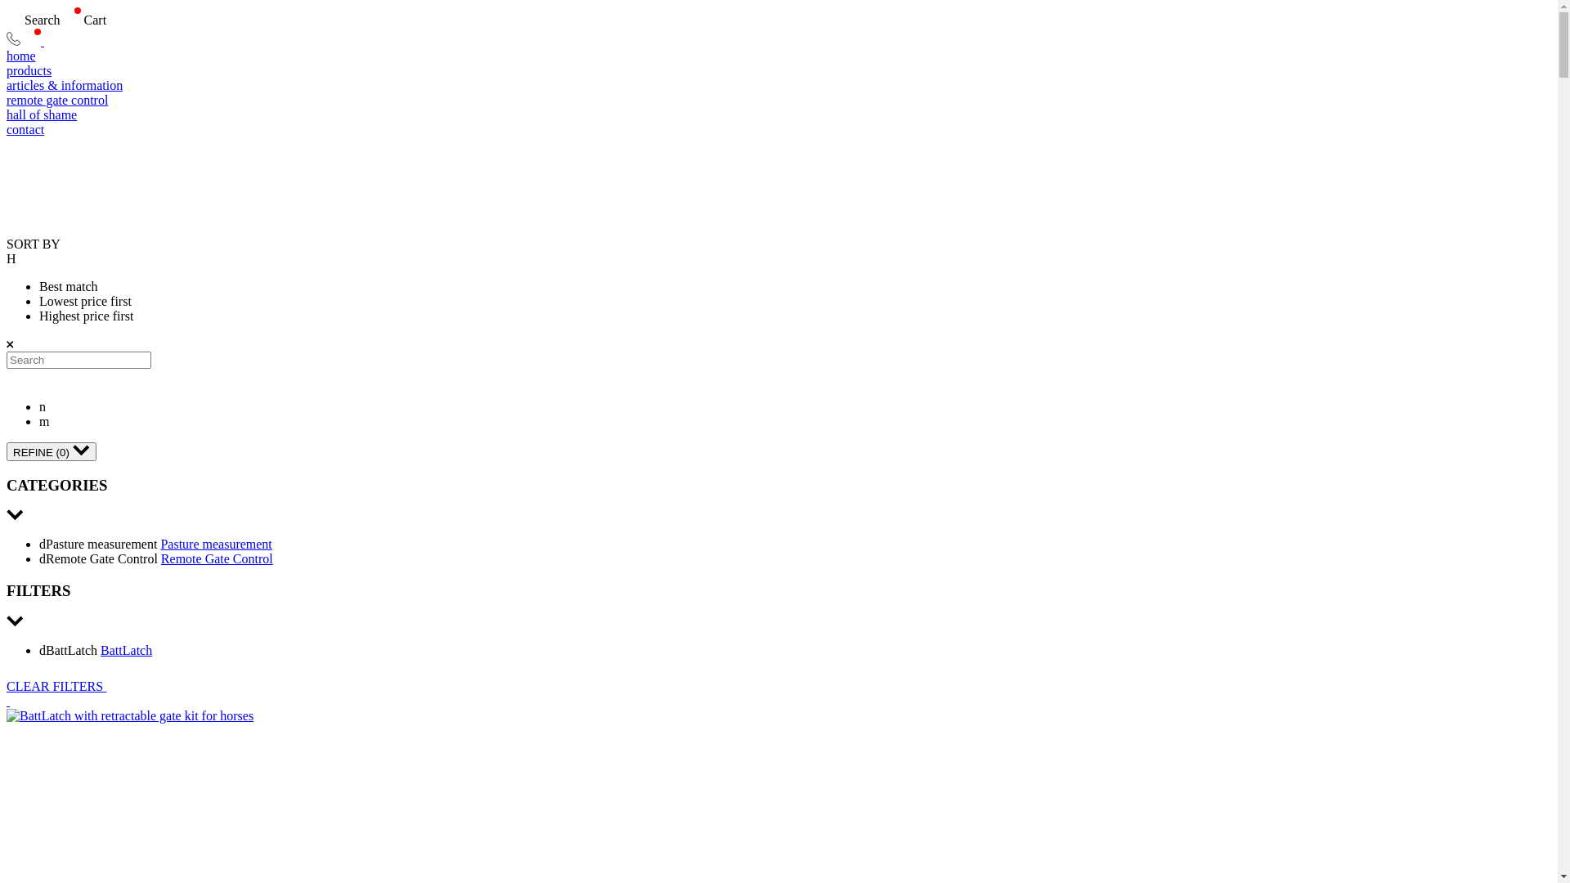  Describe the element at coordinates (7, 70) in the screenshot. I see `'products'` at that location.